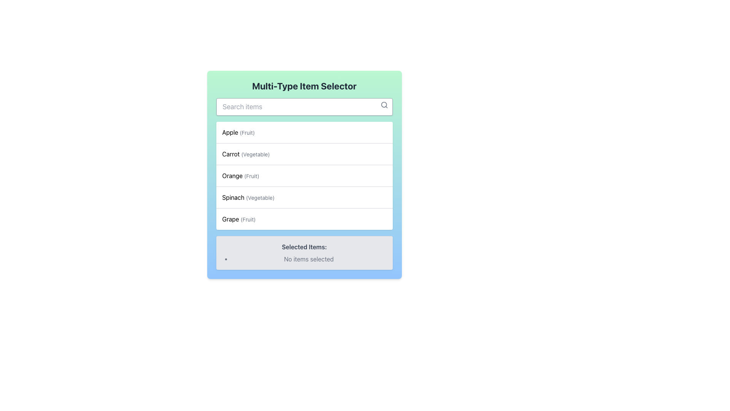 The image size is (730, 411). I want to click on the circular graphical component of the search icon located in the top-right corner of the input bar, so click(384, 105).